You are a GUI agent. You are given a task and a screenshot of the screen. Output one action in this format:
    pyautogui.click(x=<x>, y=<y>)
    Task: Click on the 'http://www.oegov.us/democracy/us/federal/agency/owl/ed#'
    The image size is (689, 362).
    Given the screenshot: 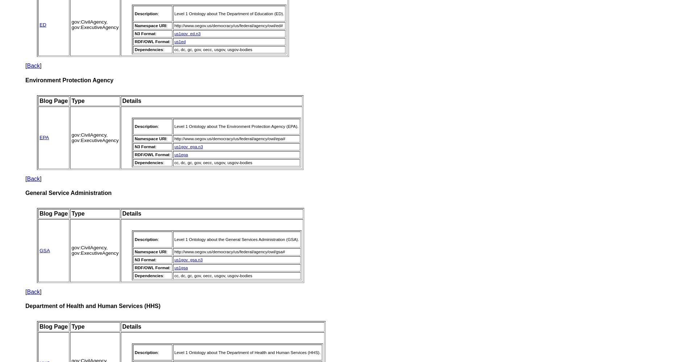 What is the action you would take?
    pyautogui.click(x=174, y=25)
    